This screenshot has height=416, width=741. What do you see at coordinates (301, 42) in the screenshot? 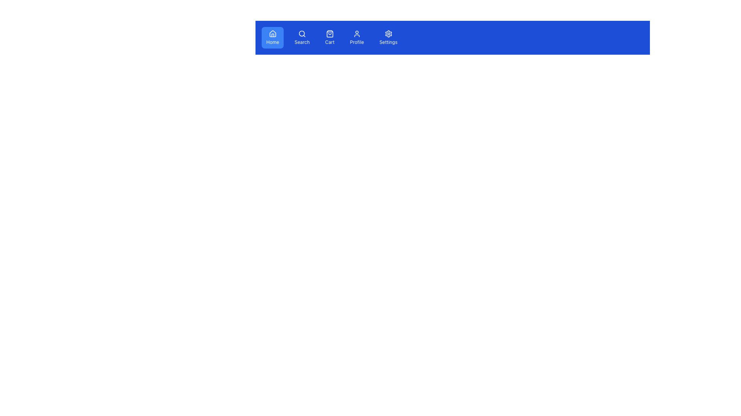
I see `the 'Search' label text located below the search icon in the top navigation bar to indicate its functionality` at bounding box center [301, 42].